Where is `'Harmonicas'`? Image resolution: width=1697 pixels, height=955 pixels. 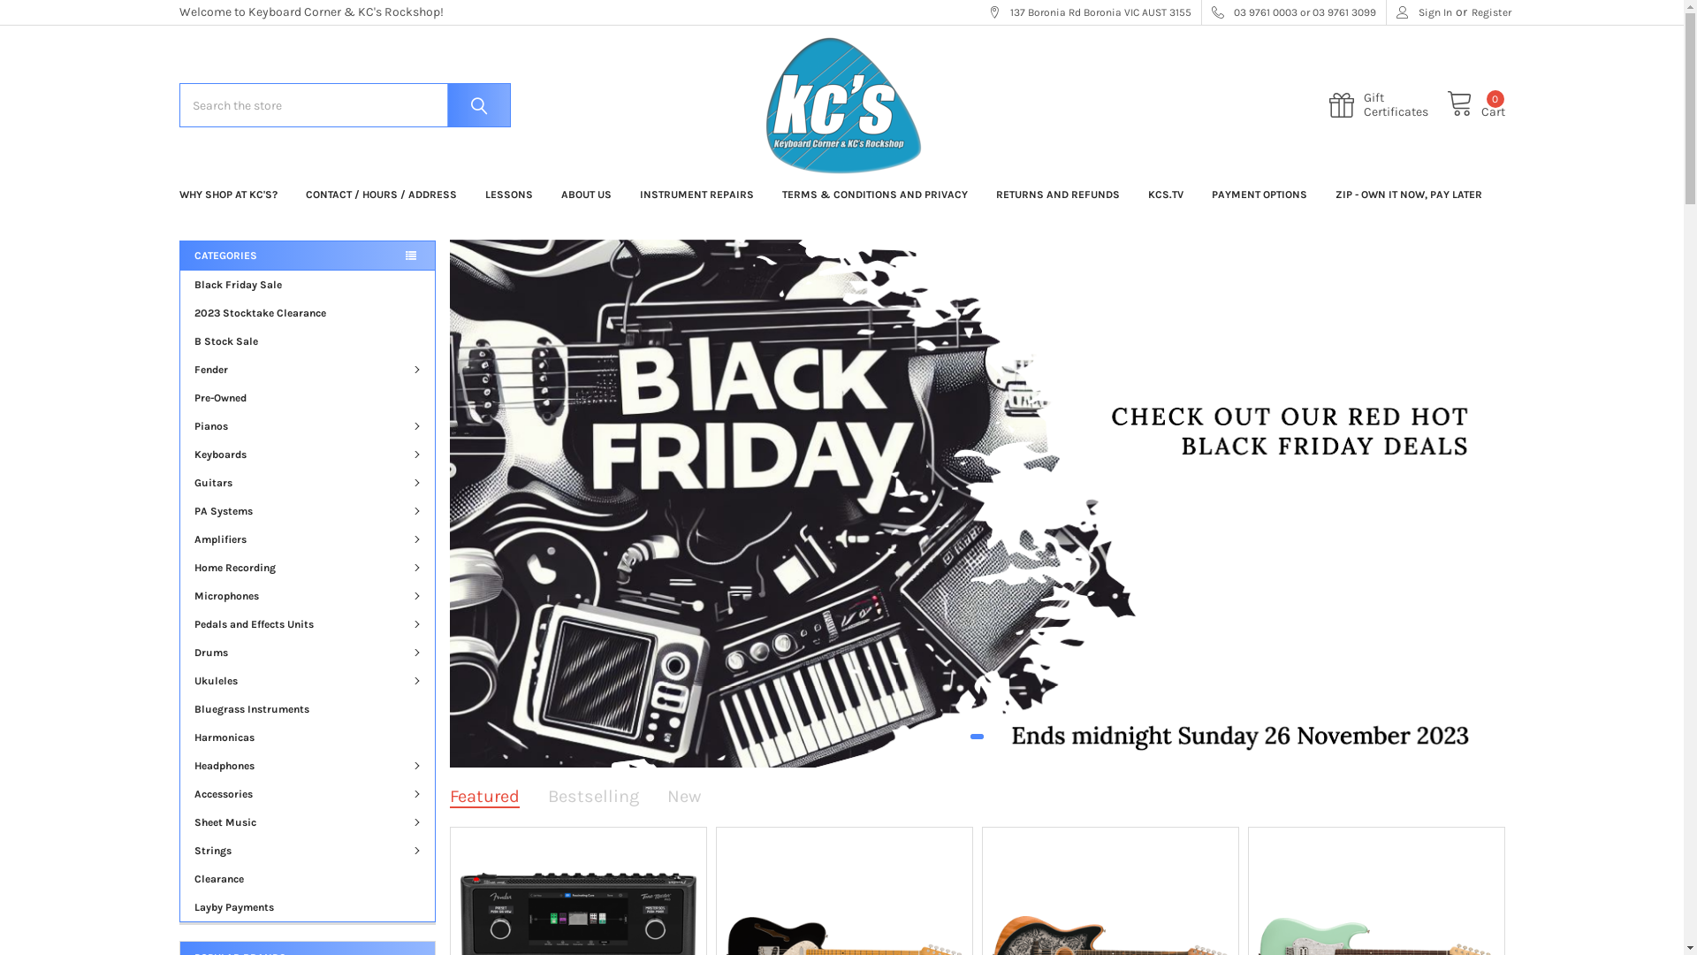 'Harmonicas' is located at coordinates (307, 737).